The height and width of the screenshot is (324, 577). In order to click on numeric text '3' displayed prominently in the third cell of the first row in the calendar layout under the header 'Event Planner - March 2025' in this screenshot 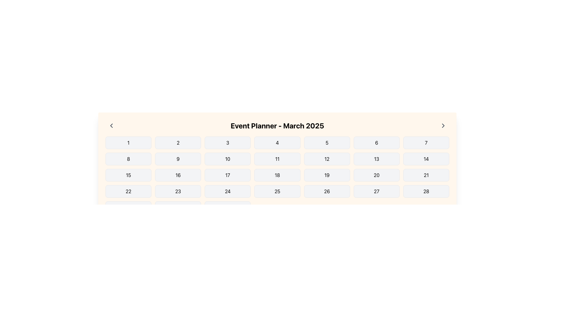, I will do `click(227, 142)`.